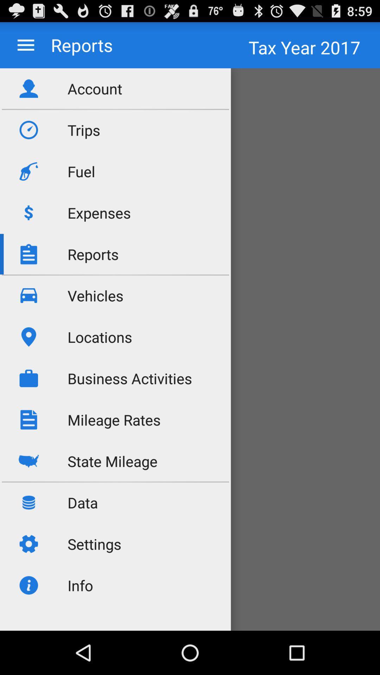 This screenshot has height=675, width=380. I want to click on the locations, so click(100, 336).